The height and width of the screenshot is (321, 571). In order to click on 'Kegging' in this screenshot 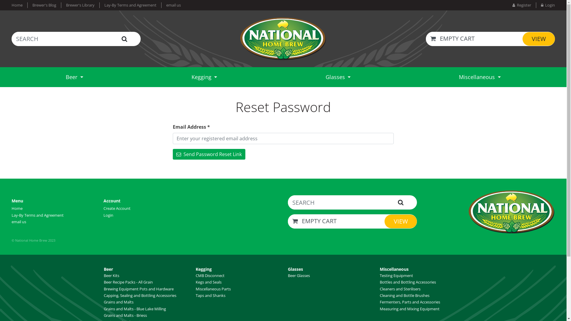, I will do `click(204, 76)`.